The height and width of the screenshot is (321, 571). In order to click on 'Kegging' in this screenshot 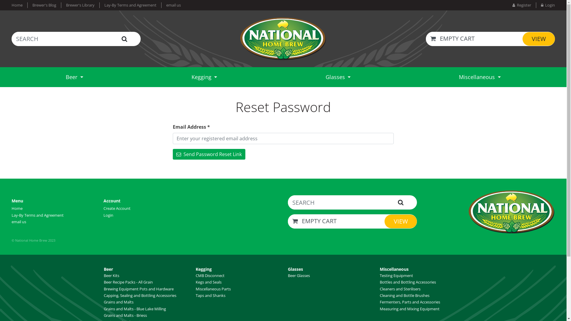, I will do `click(204, 76)`.